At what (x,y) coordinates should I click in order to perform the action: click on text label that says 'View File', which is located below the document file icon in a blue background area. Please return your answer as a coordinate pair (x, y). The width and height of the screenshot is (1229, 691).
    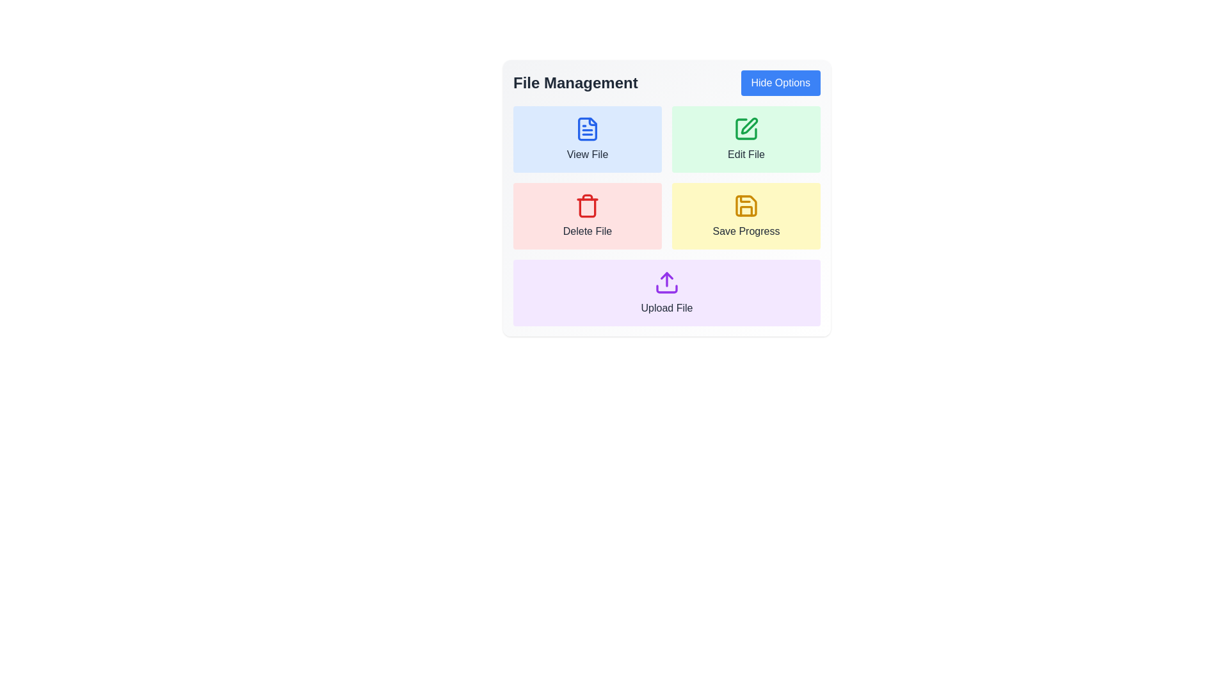
    Looking at the image, I should click on (586, 154).